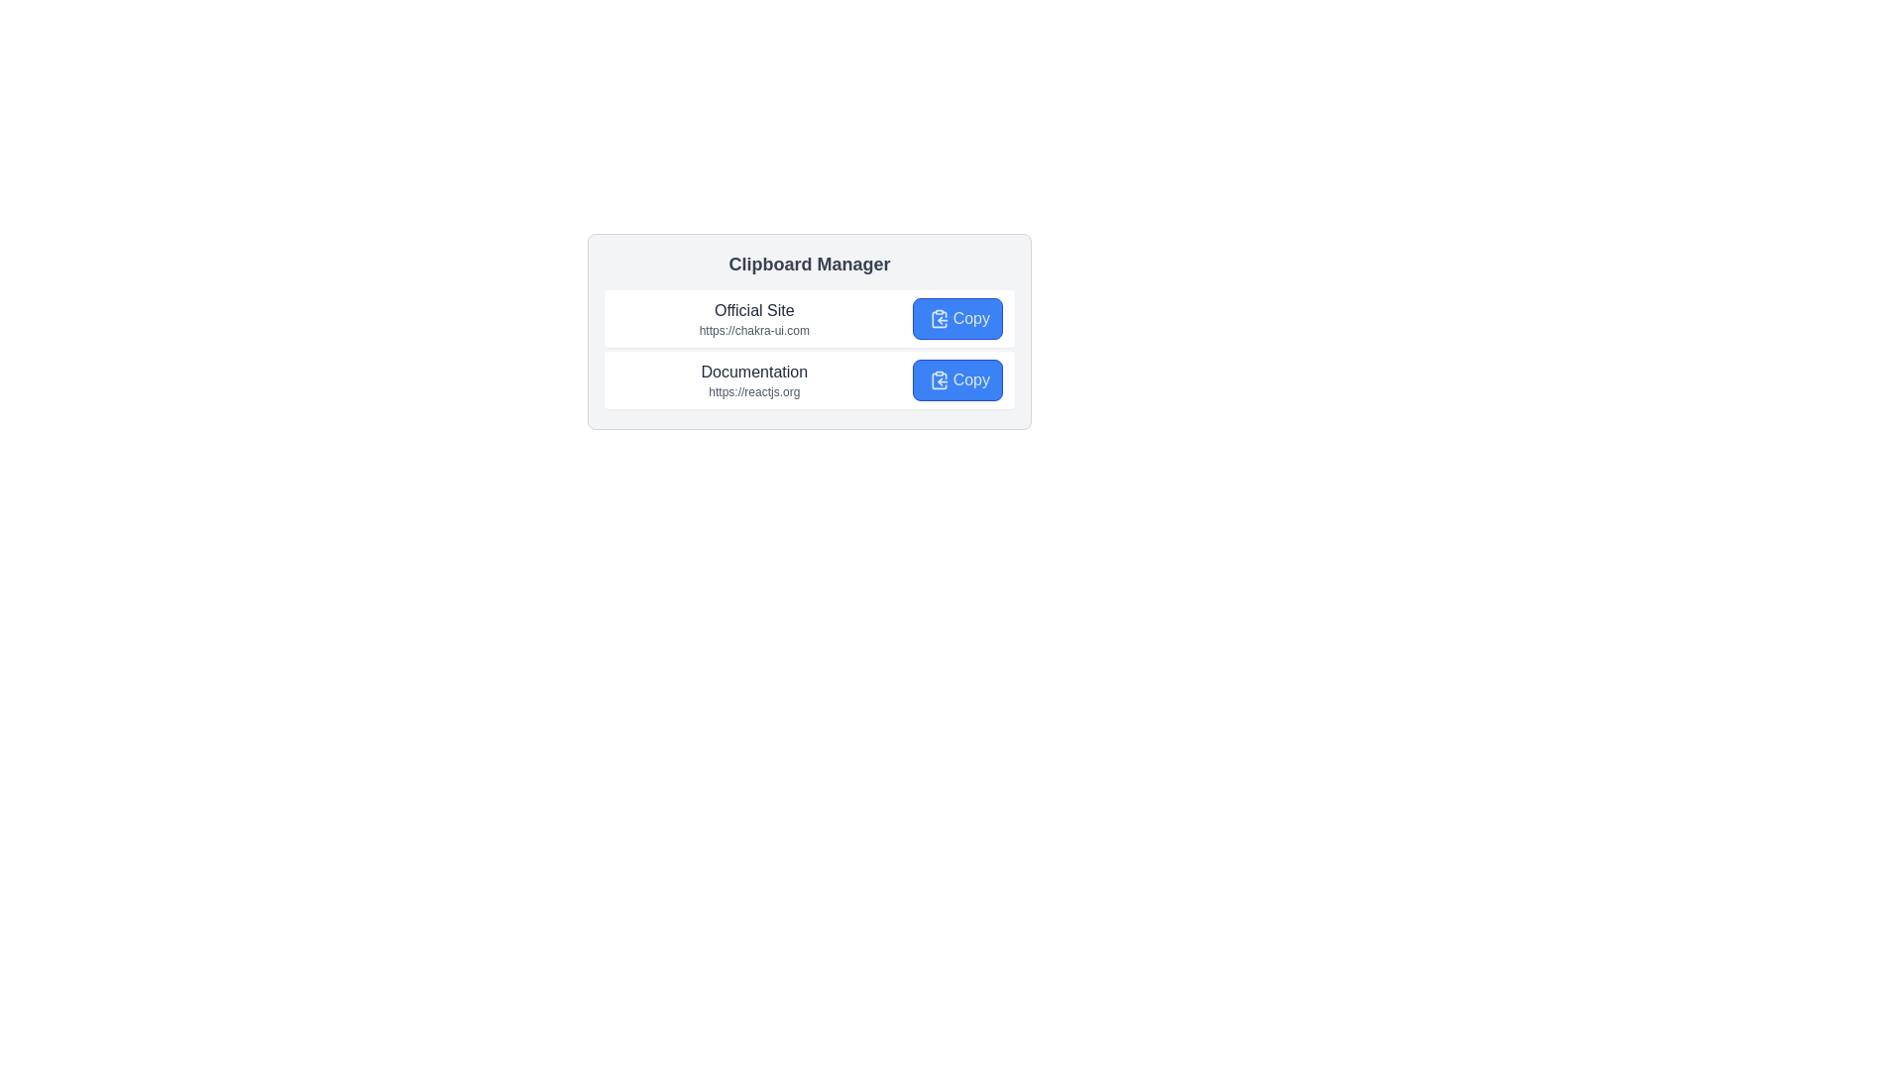  What do you see at coordinates (753, 330) in the screenshot?
I see `the static text element that displays a URL link related to 'Official Site', positioned centrally below it` at bounding box center [753, 330].